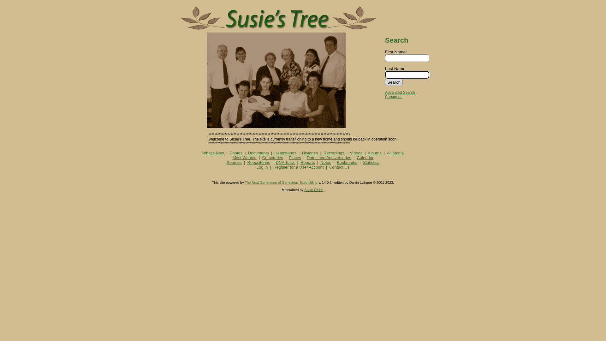  I want to click on 'Dates and Anniversaries', so click(329, 157).